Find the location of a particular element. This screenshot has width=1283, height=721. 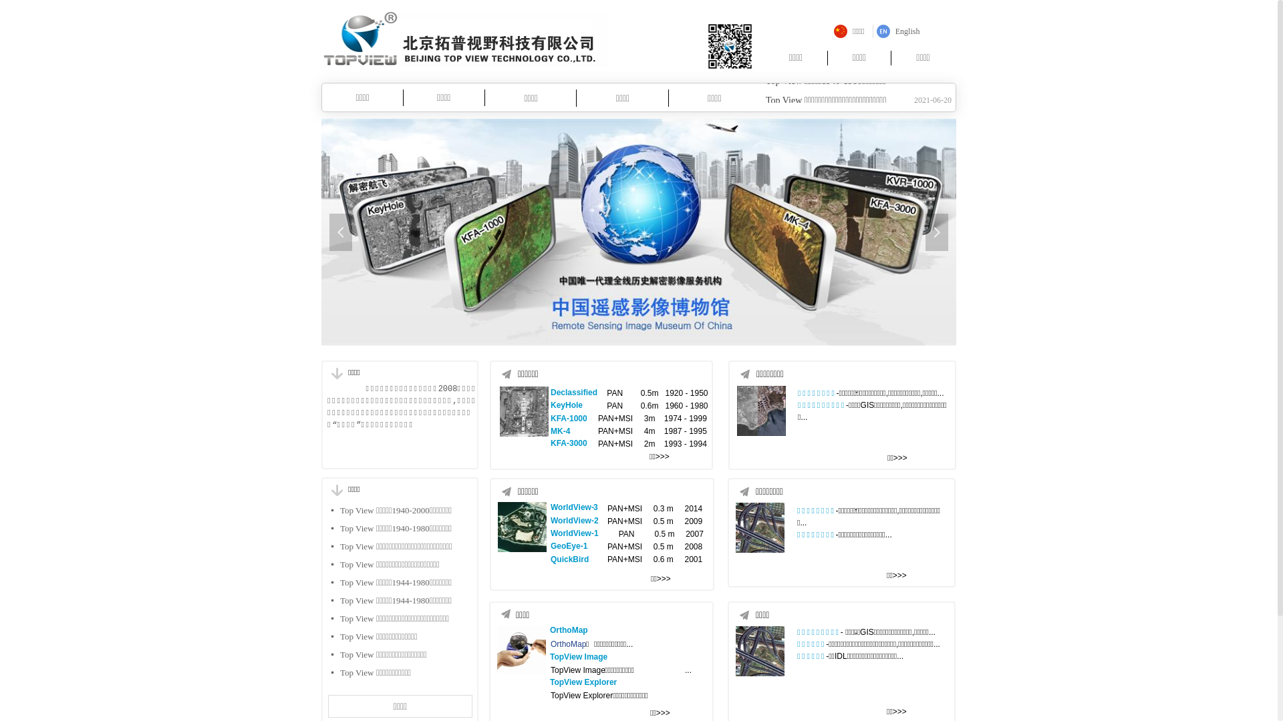

'KeyHole' is located at coordinates (567, 404).